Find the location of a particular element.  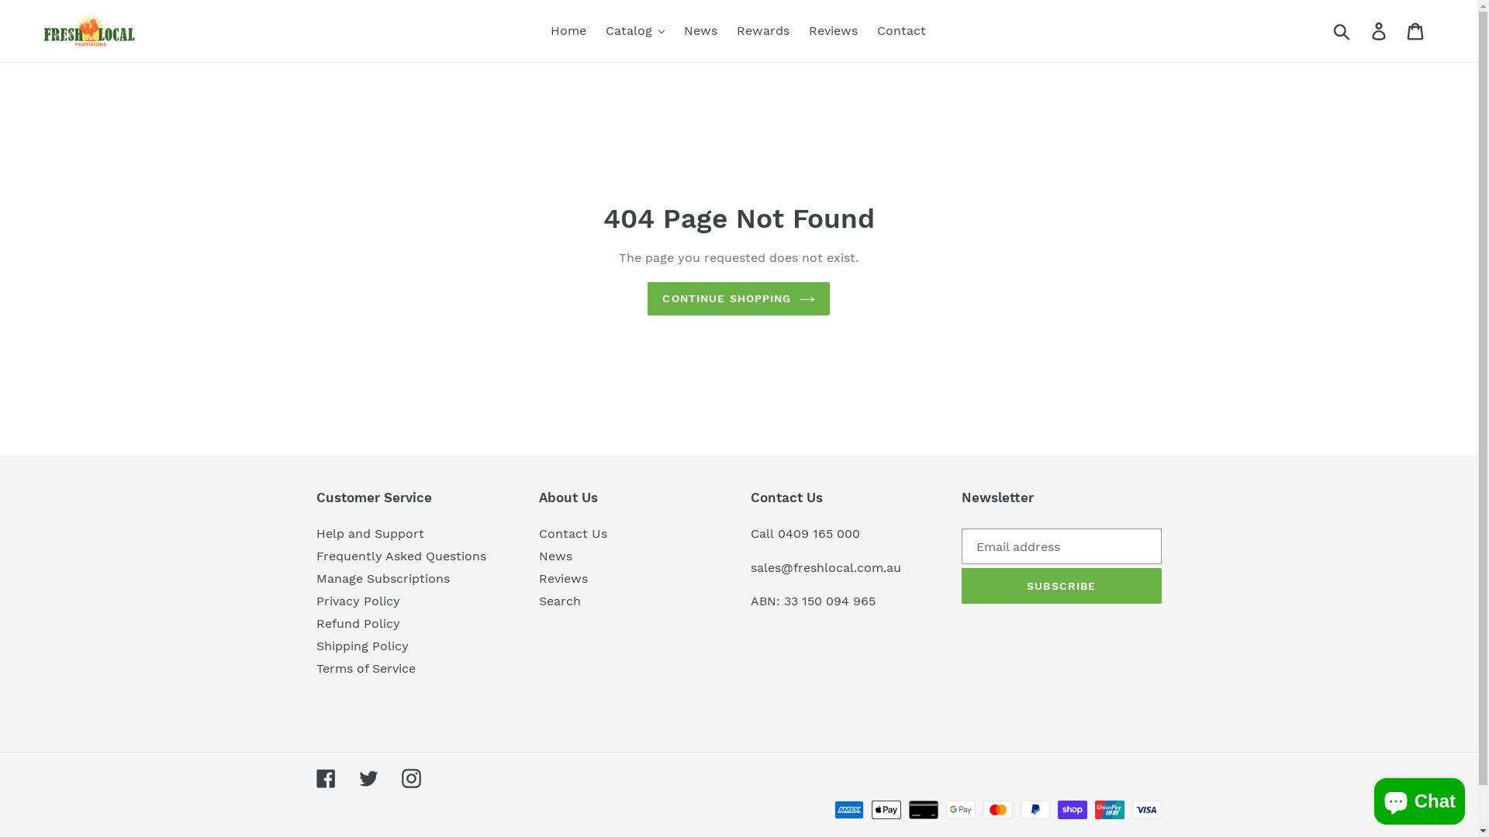

'Reviews' is located at coordinates (562, 578).